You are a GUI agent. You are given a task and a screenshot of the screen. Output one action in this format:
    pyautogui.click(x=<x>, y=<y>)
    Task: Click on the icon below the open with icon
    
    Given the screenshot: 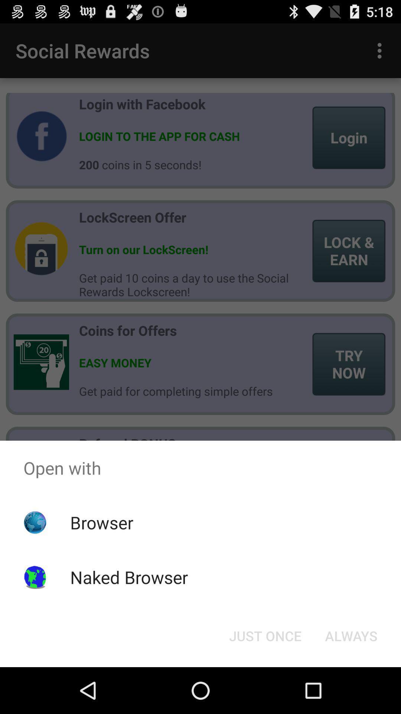 What is the action you would take?
    pyautogui.click(x=265, y=635)
    